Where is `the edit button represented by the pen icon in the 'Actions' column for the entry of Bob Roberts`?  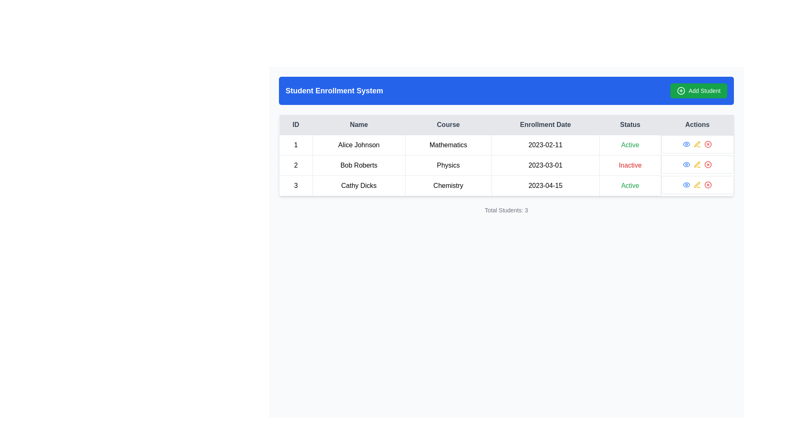 the edit button represented by the pen icon in the 'Actions' column for the entry of Bob Roberts is located at coordinates (697, 184).